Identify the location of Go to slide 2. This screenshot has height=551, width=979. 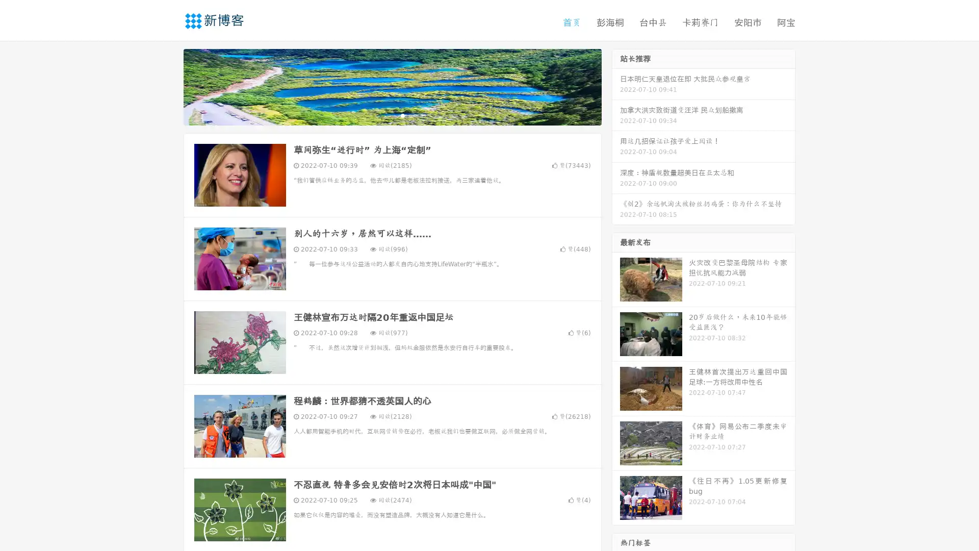
(392, 115).